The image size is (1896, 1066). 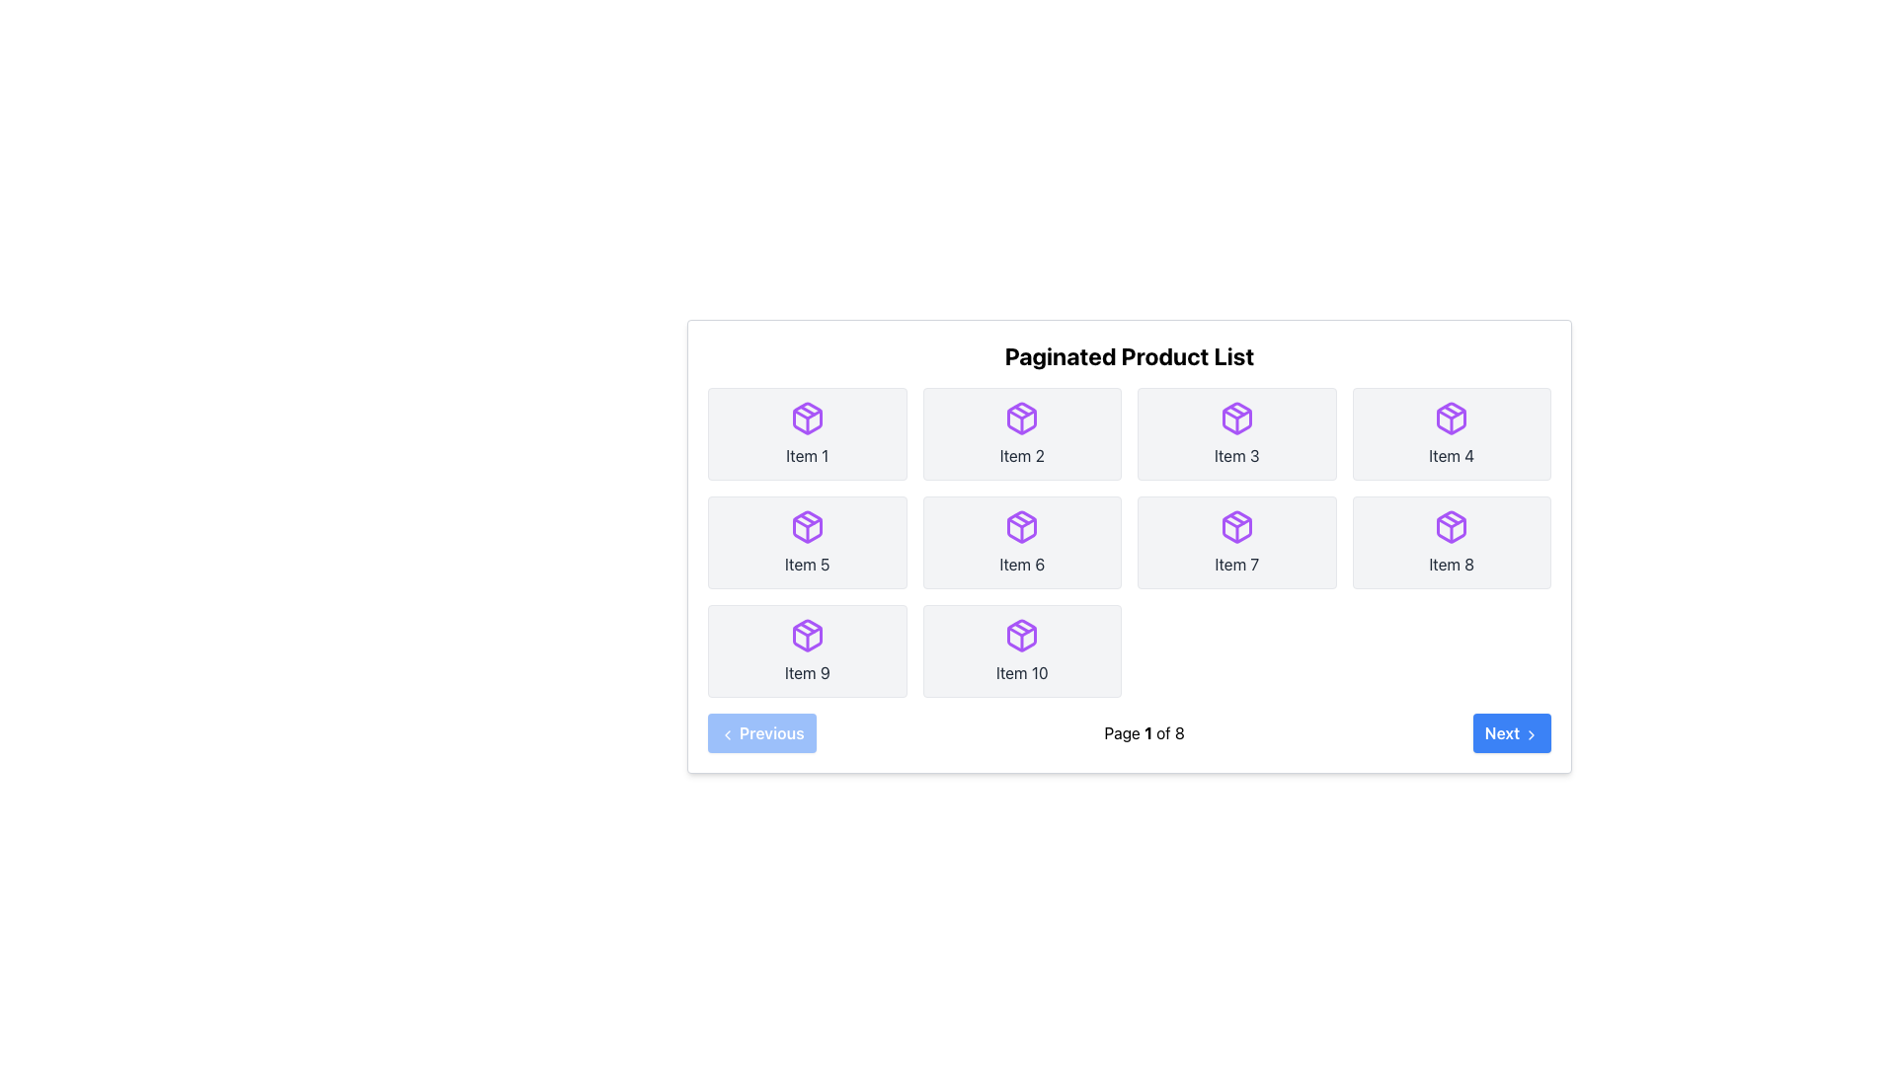 I want to click on the 'Item 2' text label, which is styled with gray text color and centered alignment within a light gray box, located in the first row, second column of the grid layout, so click(x=1022, y=456).